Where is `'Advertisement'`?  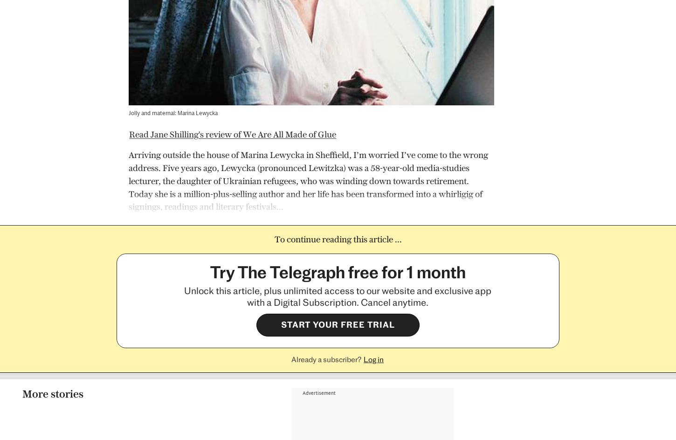 'Advertisement' is located at coordinates (318, 8).